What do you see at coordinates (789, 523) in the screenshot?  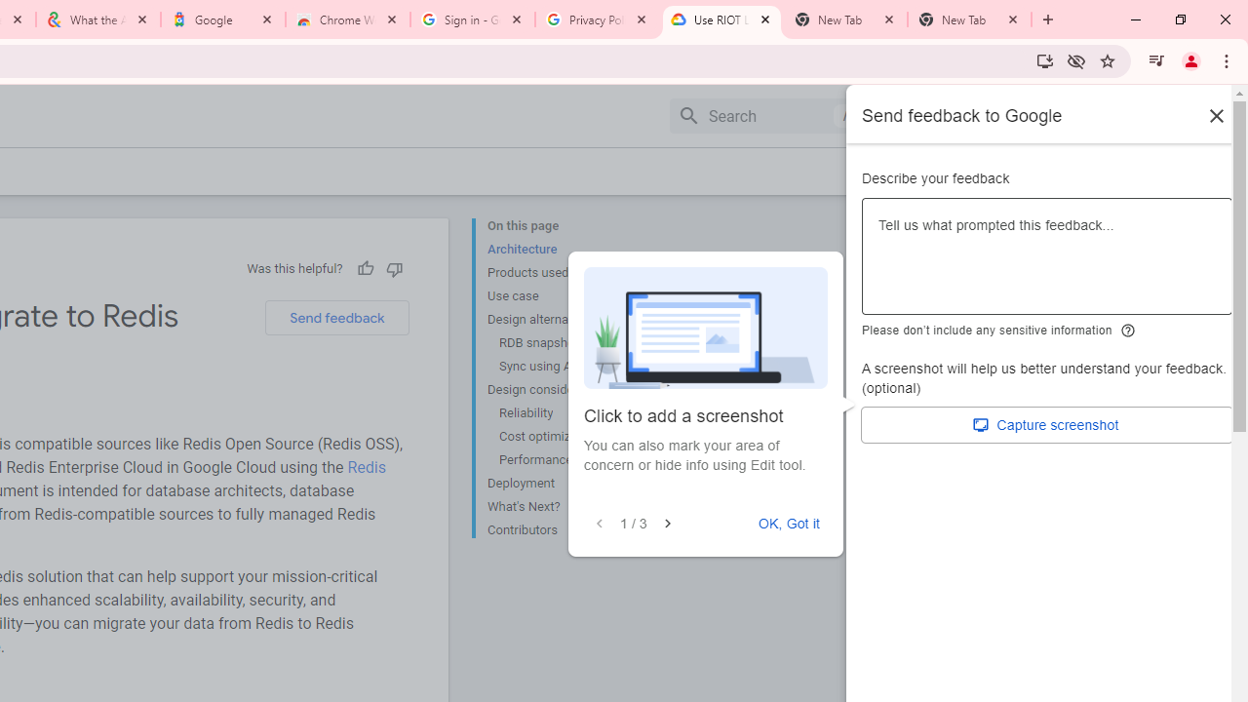 I see `'OK, Got it'` at bounding box center [789, 523].